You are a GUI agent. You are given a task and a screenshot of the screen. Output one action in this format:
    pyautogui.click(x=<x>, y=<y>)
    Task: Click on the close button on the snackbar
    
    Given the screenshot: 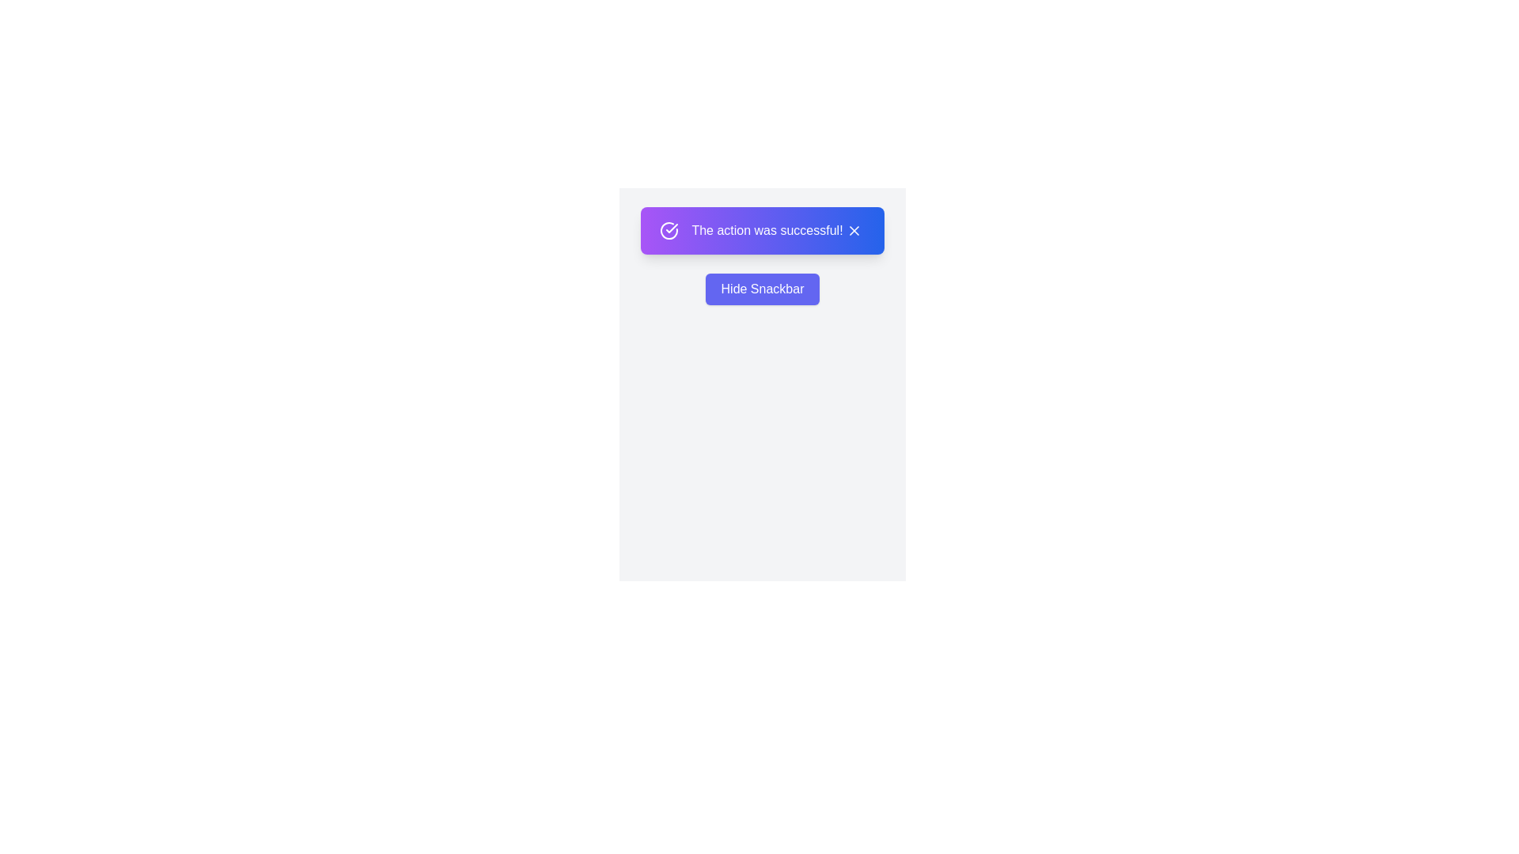 What is the action you would take?
    pyautogui.click(x=853, y=231)
    